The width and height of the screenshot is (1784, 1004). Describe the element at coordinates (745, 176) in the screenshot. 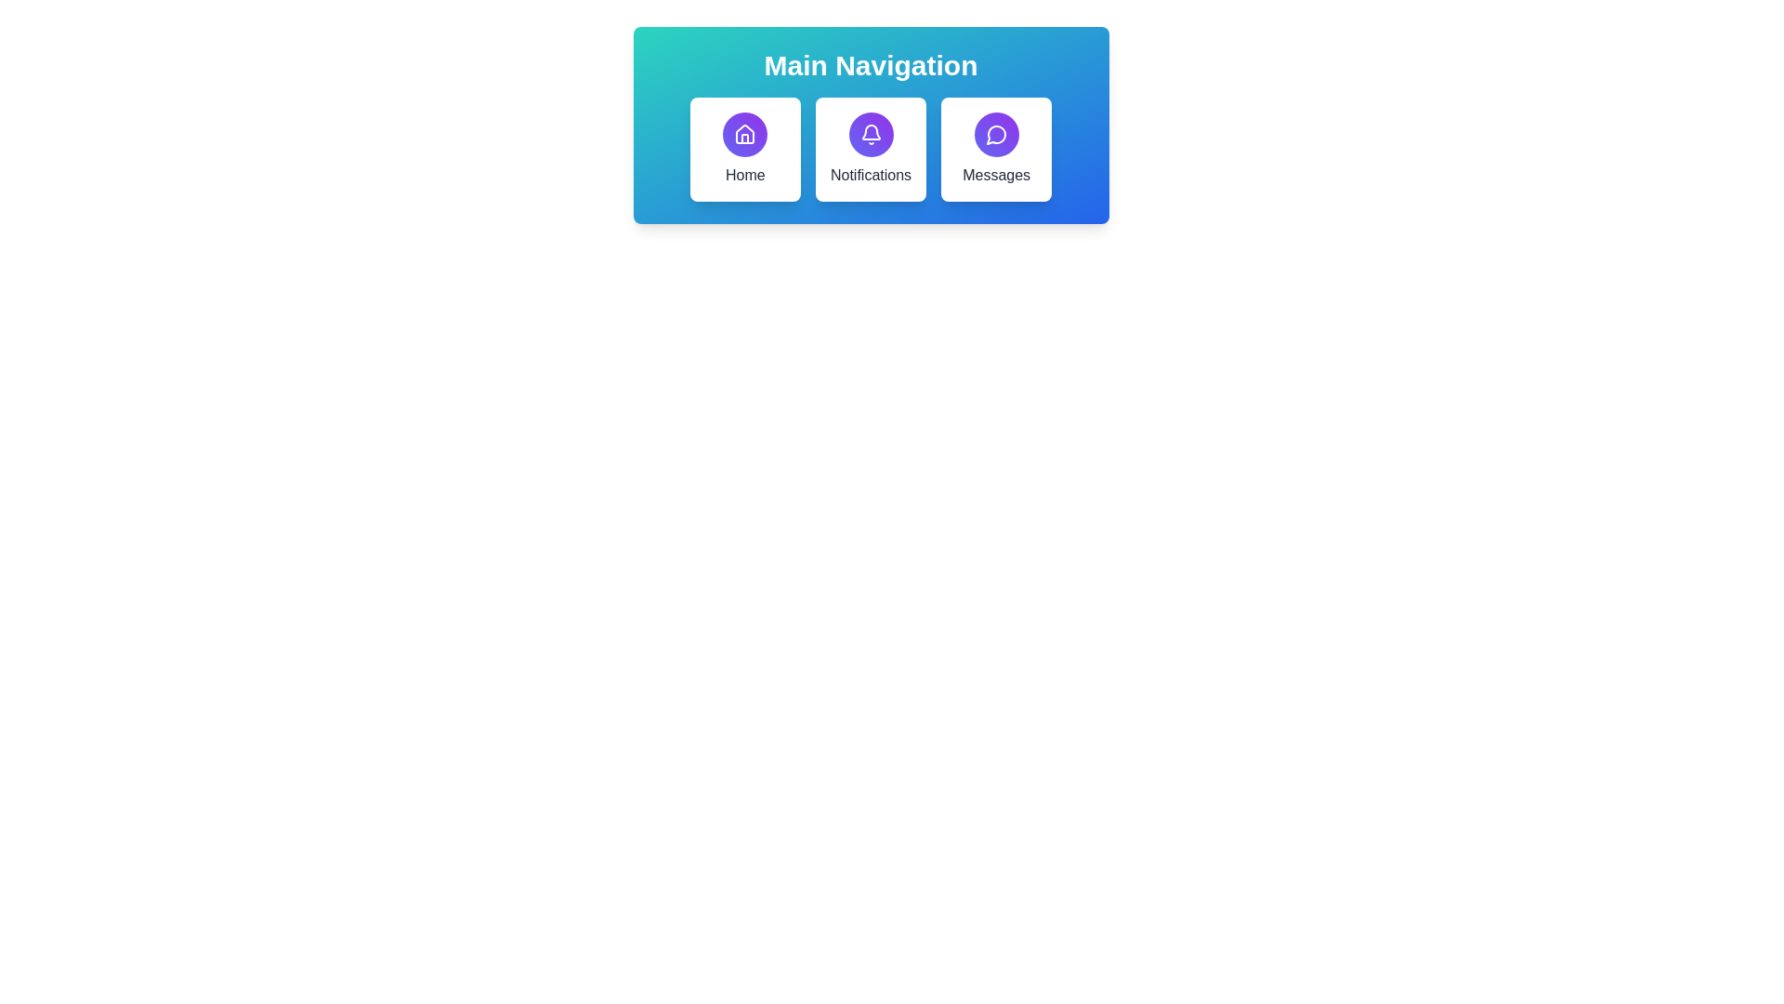

I see `the 'Home' text label that designates functionality in the navigation menu, located centrally below the house icon` at that location.